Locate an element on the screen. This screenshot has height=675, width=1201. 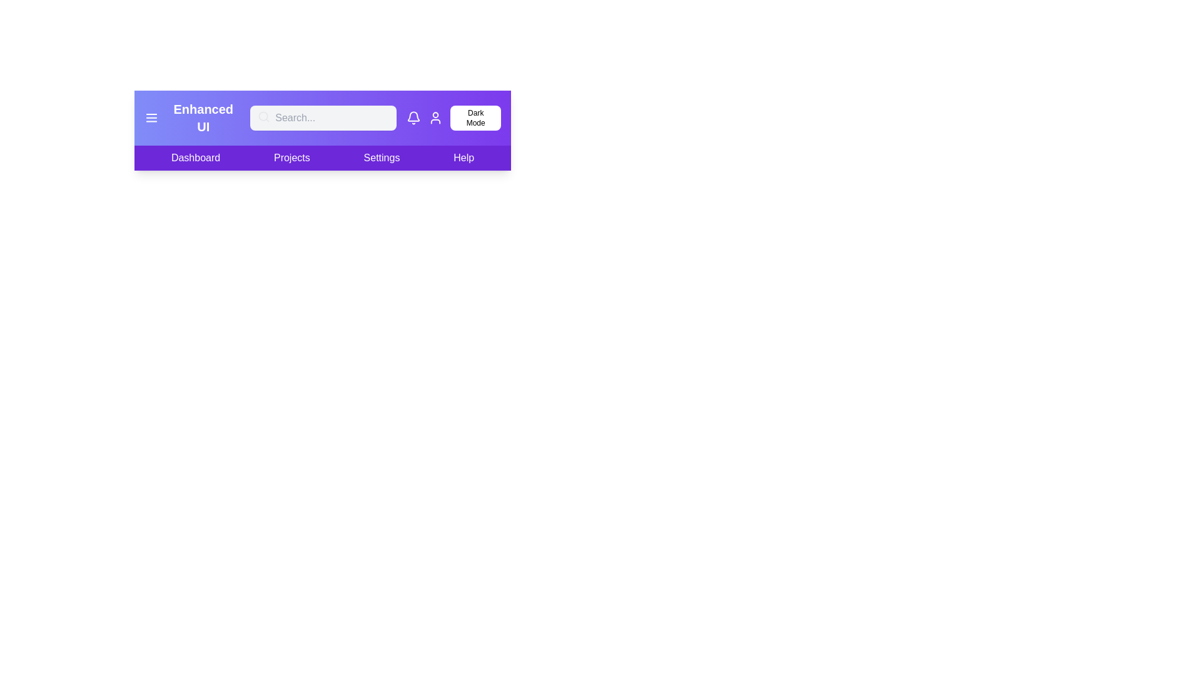
the 'Projects' menu item to navigate to the 'Projects' section is located at coordinates (290, 157).